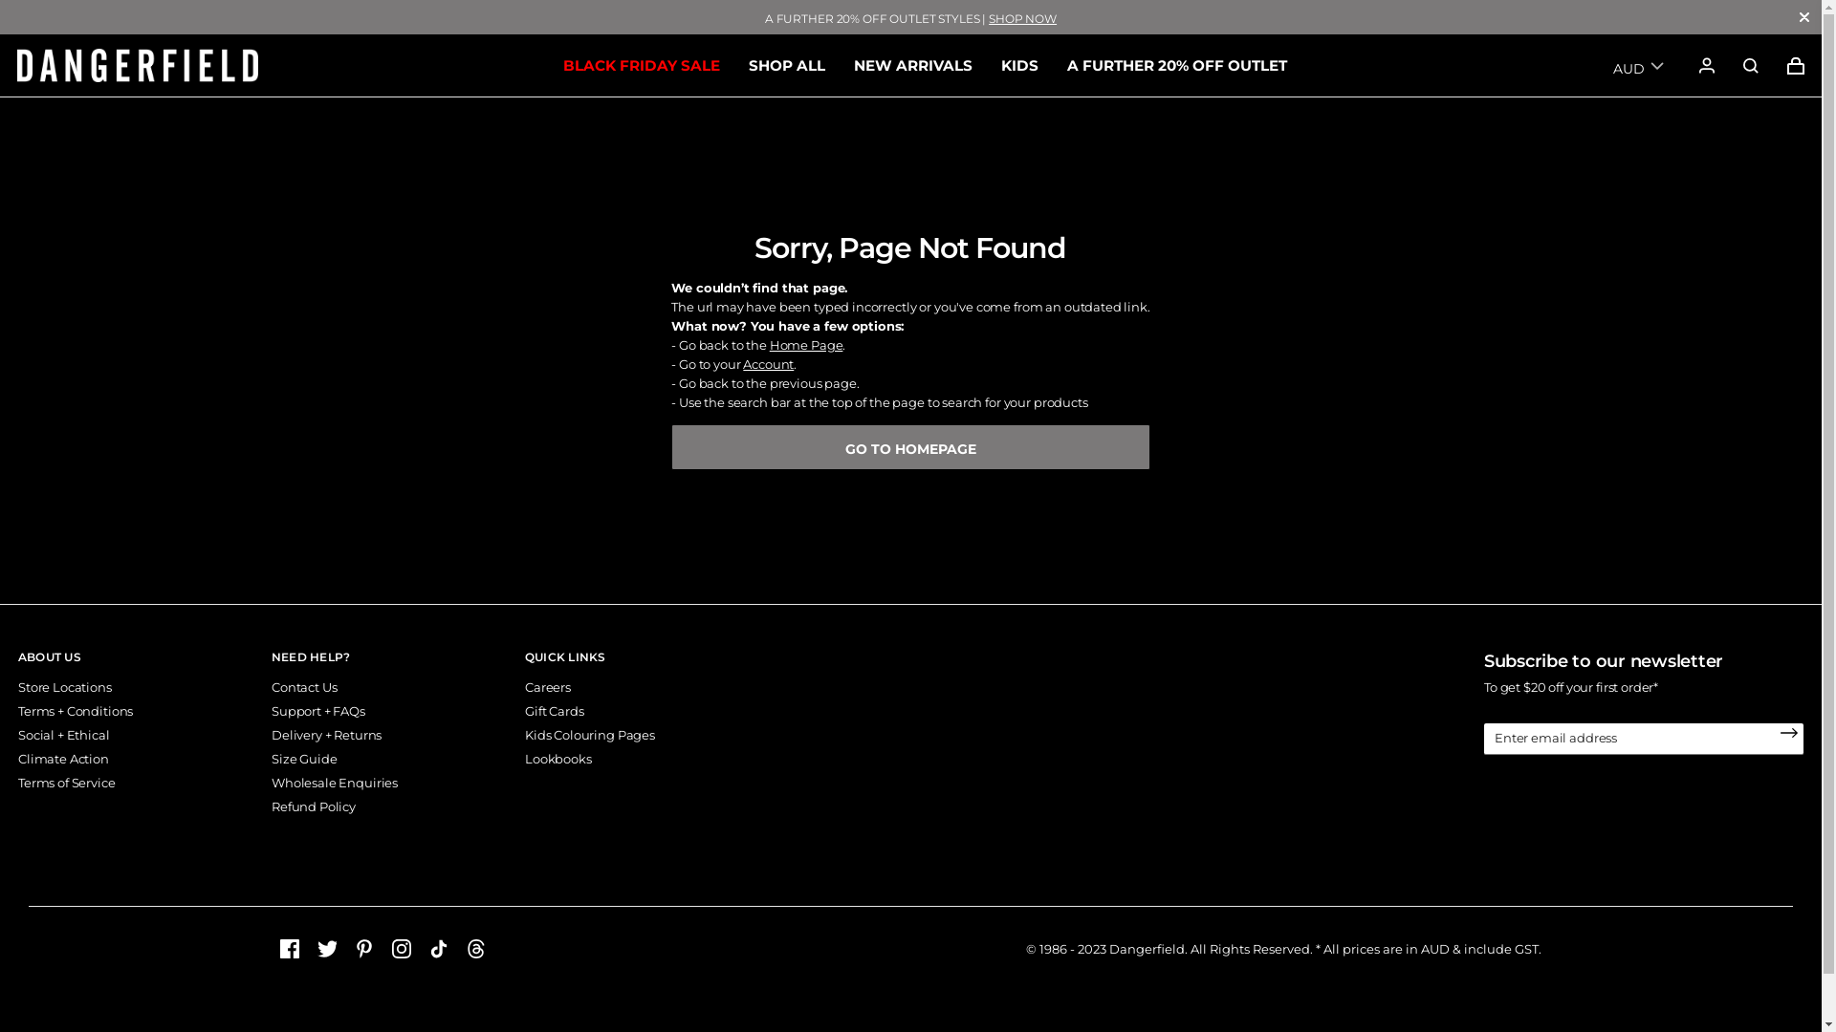  What do you see at coordinates (75, 711) in the screenshot?
I see `'Terms + Conditions'` at bounding box center [75, 711].